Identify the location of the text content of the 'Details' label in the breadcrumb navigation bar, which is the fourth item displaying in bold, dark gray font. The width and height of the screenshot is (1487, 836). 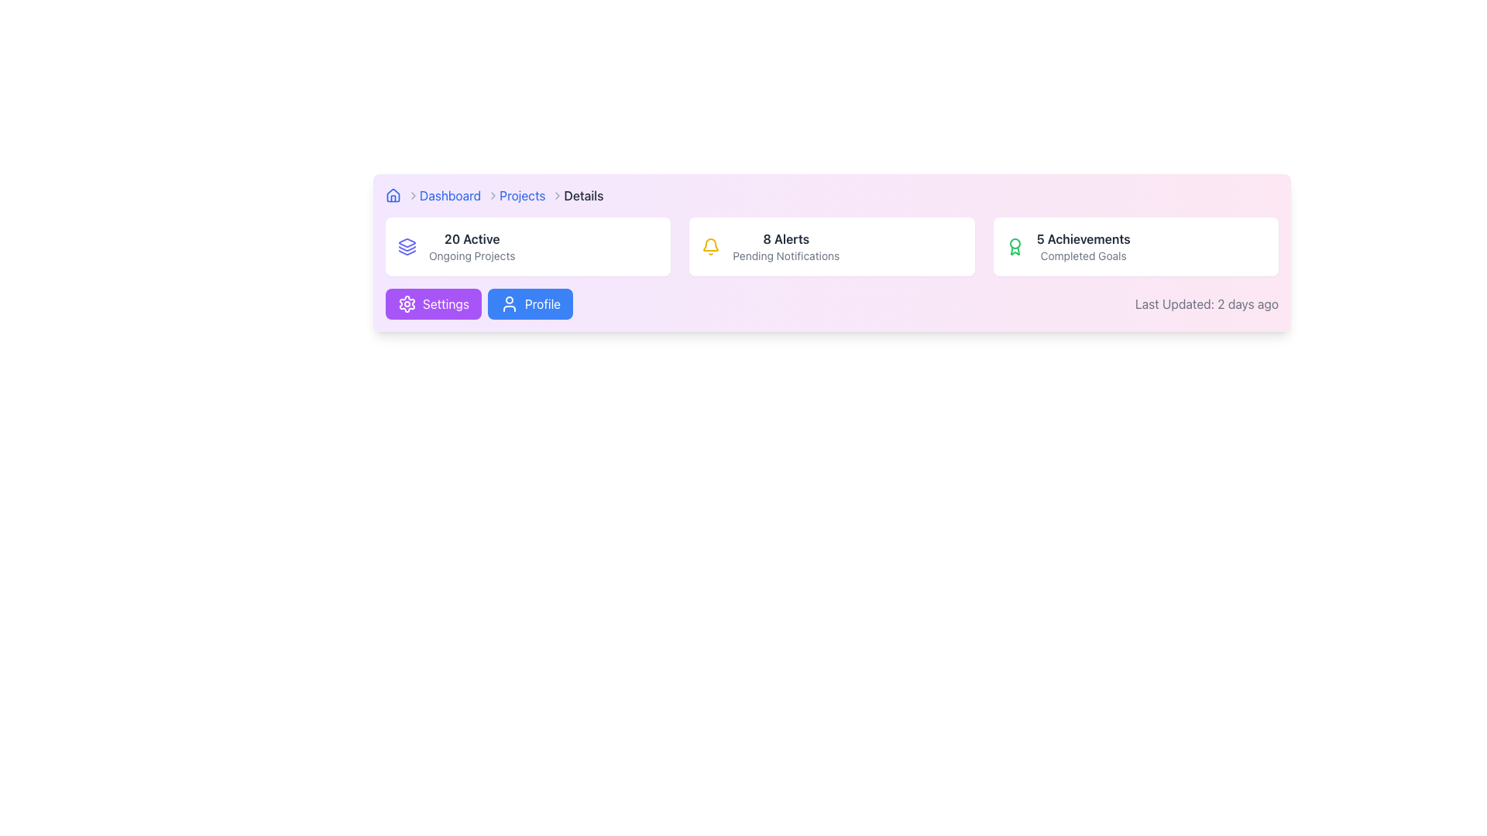
(582, 195).